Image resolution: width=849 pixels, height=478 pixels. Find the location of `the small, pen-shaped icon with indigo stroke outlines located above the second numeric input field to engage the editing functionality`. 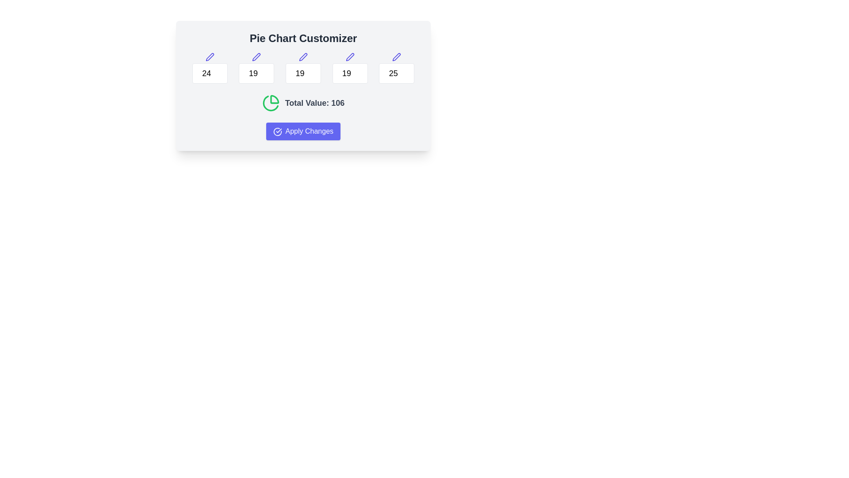

the small, pen-shaped icon with indigo stroke outlines located above the second numeric input field to engage the editing functionality is located at coordinates (256, 57).